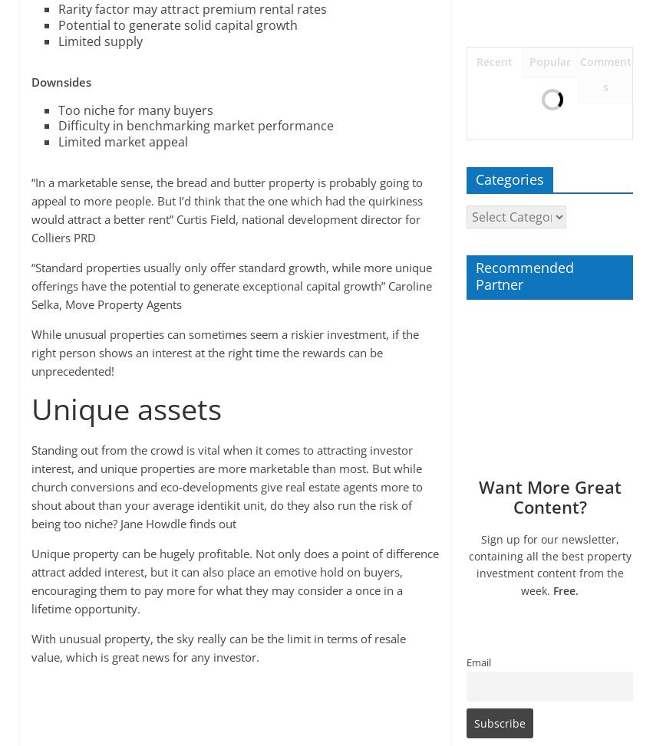 The image size is (653, 746). Describe the element at coordinates (29, 646) in the screenshot. I see `'With unusual property, the sky really can be the limit in terms of resale value, which is great news for any investor.'` at that location.